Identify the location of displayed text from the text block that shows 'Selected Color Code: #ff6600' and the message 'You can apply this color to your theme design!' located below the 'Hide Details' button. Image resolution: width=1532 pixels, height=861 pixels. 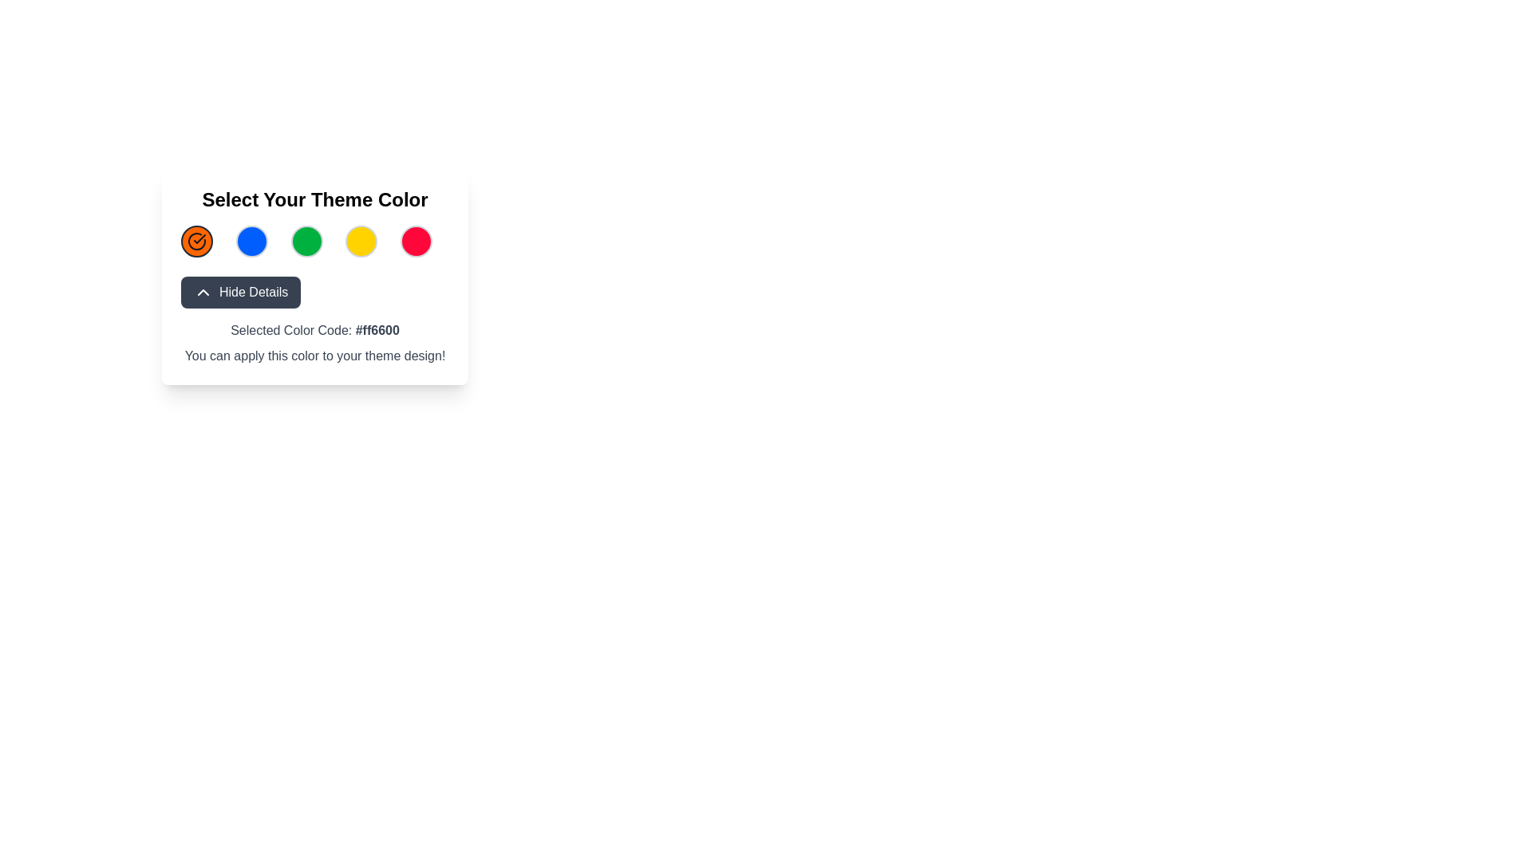
(314, 343).